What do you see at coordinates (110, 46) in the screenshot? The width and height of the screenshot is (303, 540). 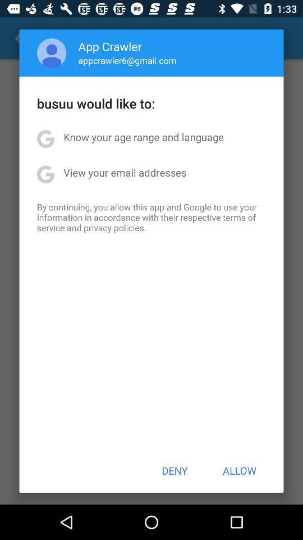 I see `the icon above the appcrawler6@gmail.com` at bounding box center [110, 46].